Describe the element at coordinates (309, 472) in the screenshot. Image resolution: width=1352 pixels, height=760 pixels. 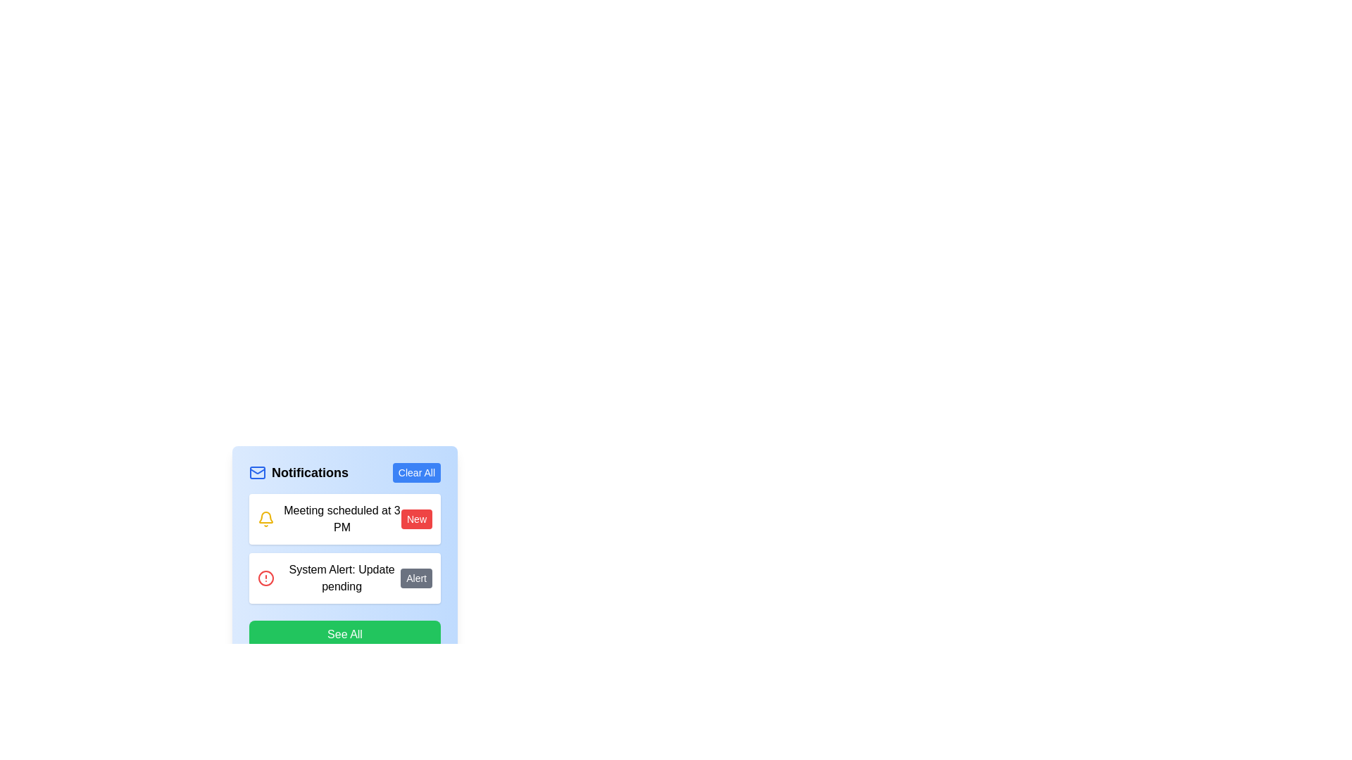
I see `the Text label that serves as the title or header for the notification panel, positioned between the mail icon and the 'Clear All' button` at that location.